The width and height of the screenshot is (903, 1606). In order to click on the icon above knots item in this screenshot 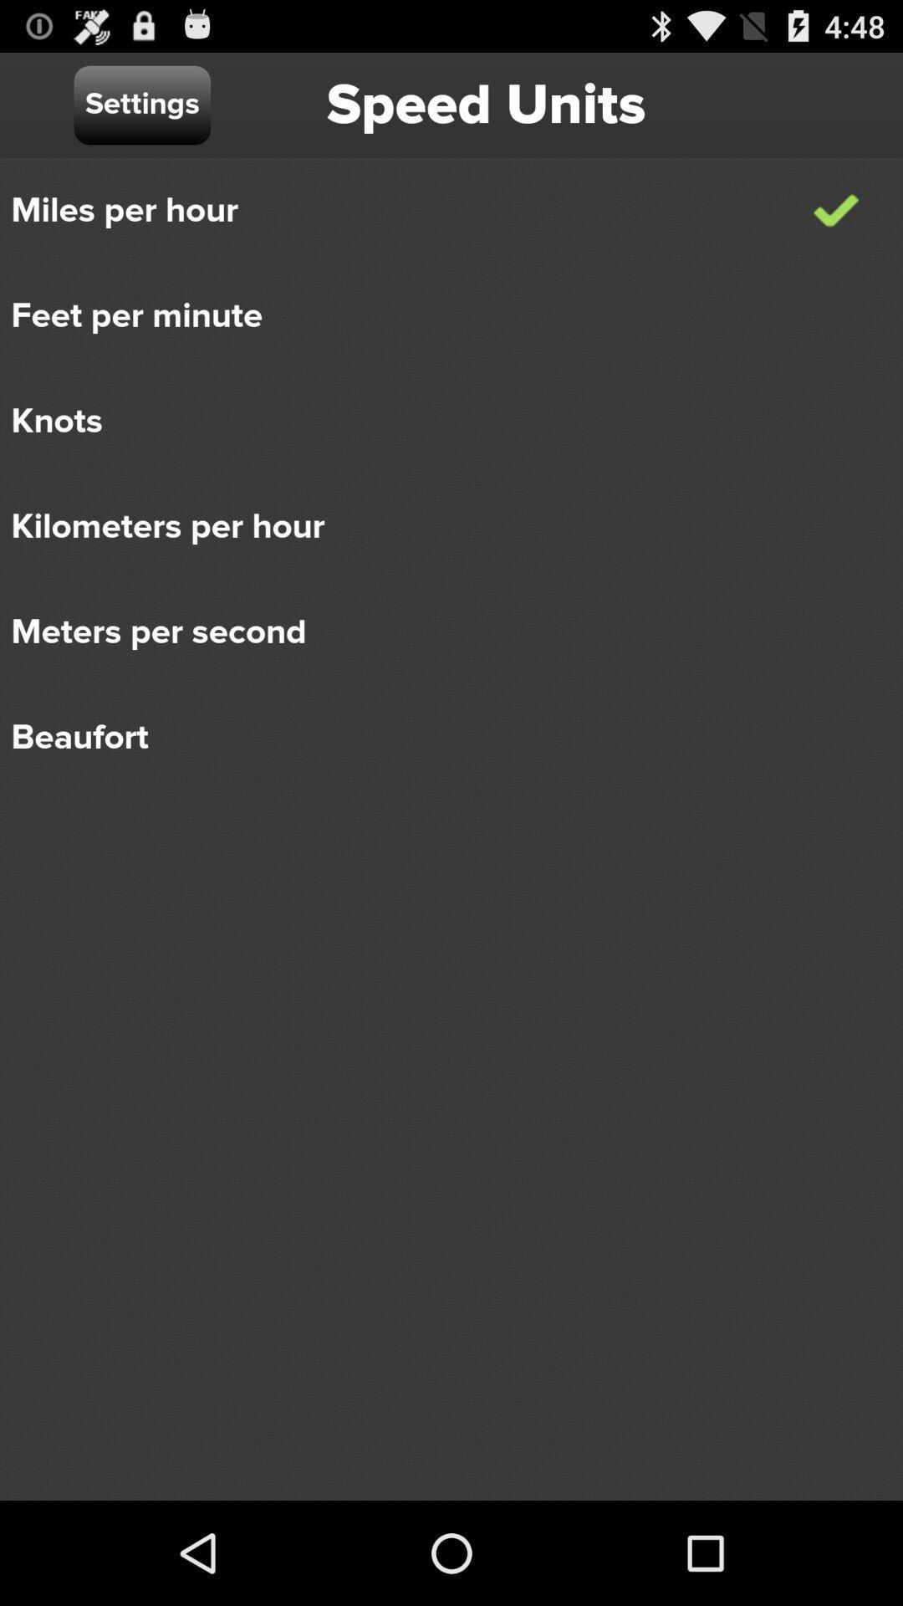, I will do `click(439, 316)`.